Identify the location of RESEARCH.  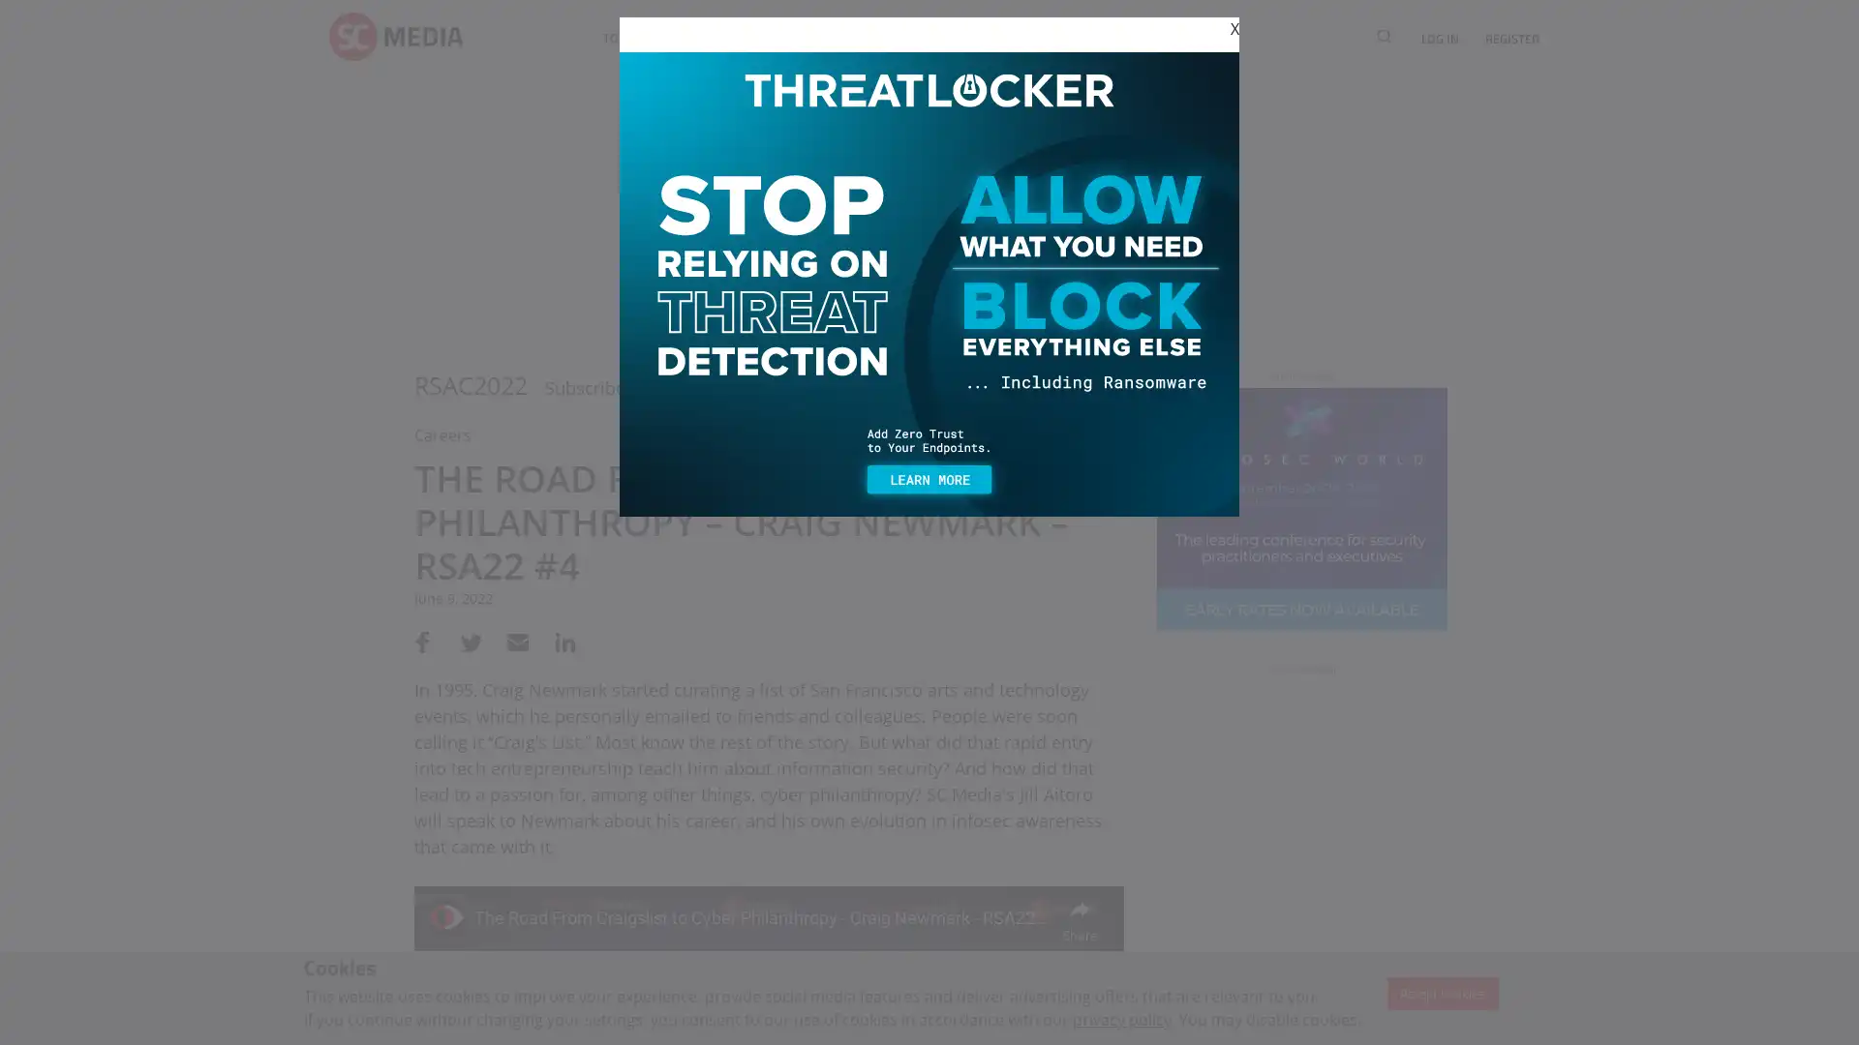
(966, 38).